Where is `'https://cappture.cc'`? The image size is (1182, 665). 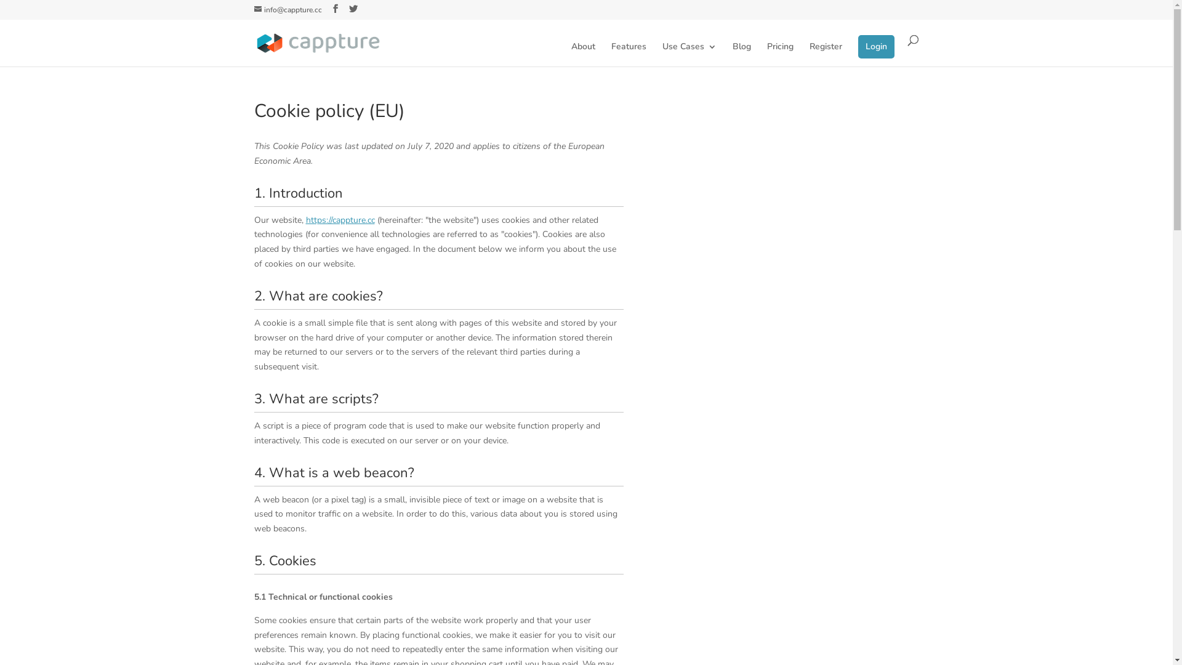
'https://cappture.cc' is located at coordinates (340, 219).